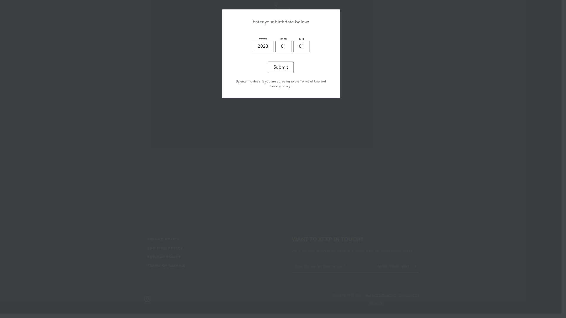  Describe the element at coordinates (397, 266) in the screenshot. I see `'SEND YOUR HINT'` at that location.